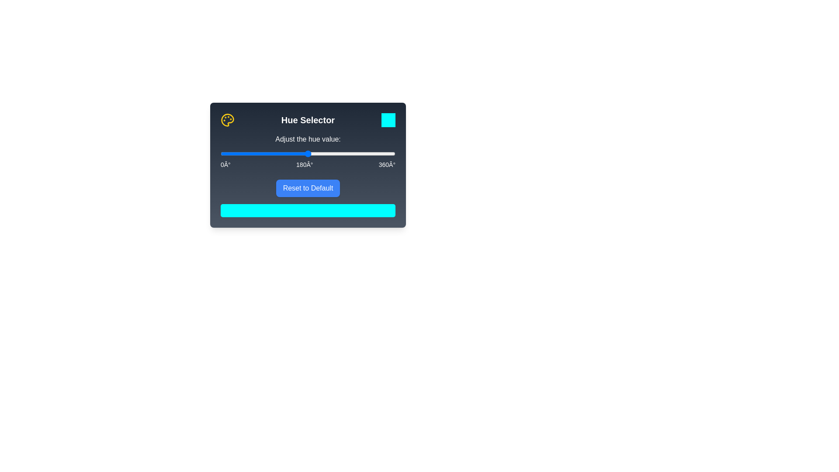 The height and width of the screenshot is (472, 839). Describe the element at coordinates (315, 153) in the screenshot. I see `the hue slider to 195°` at that location.